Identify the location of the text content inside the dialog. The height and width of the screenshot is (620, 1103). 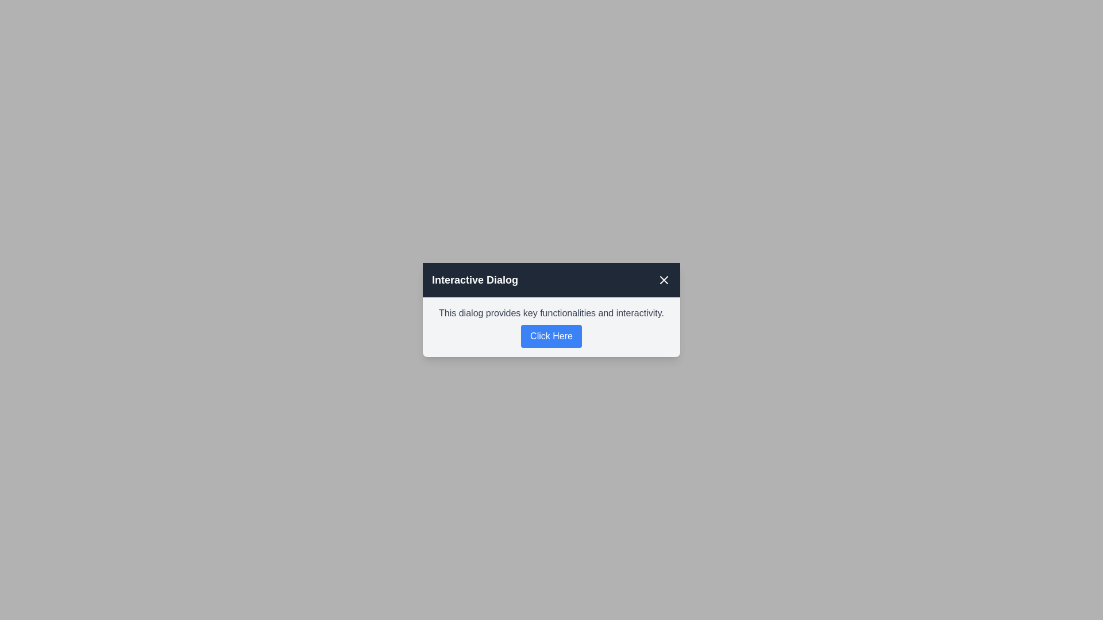
(551, 313).